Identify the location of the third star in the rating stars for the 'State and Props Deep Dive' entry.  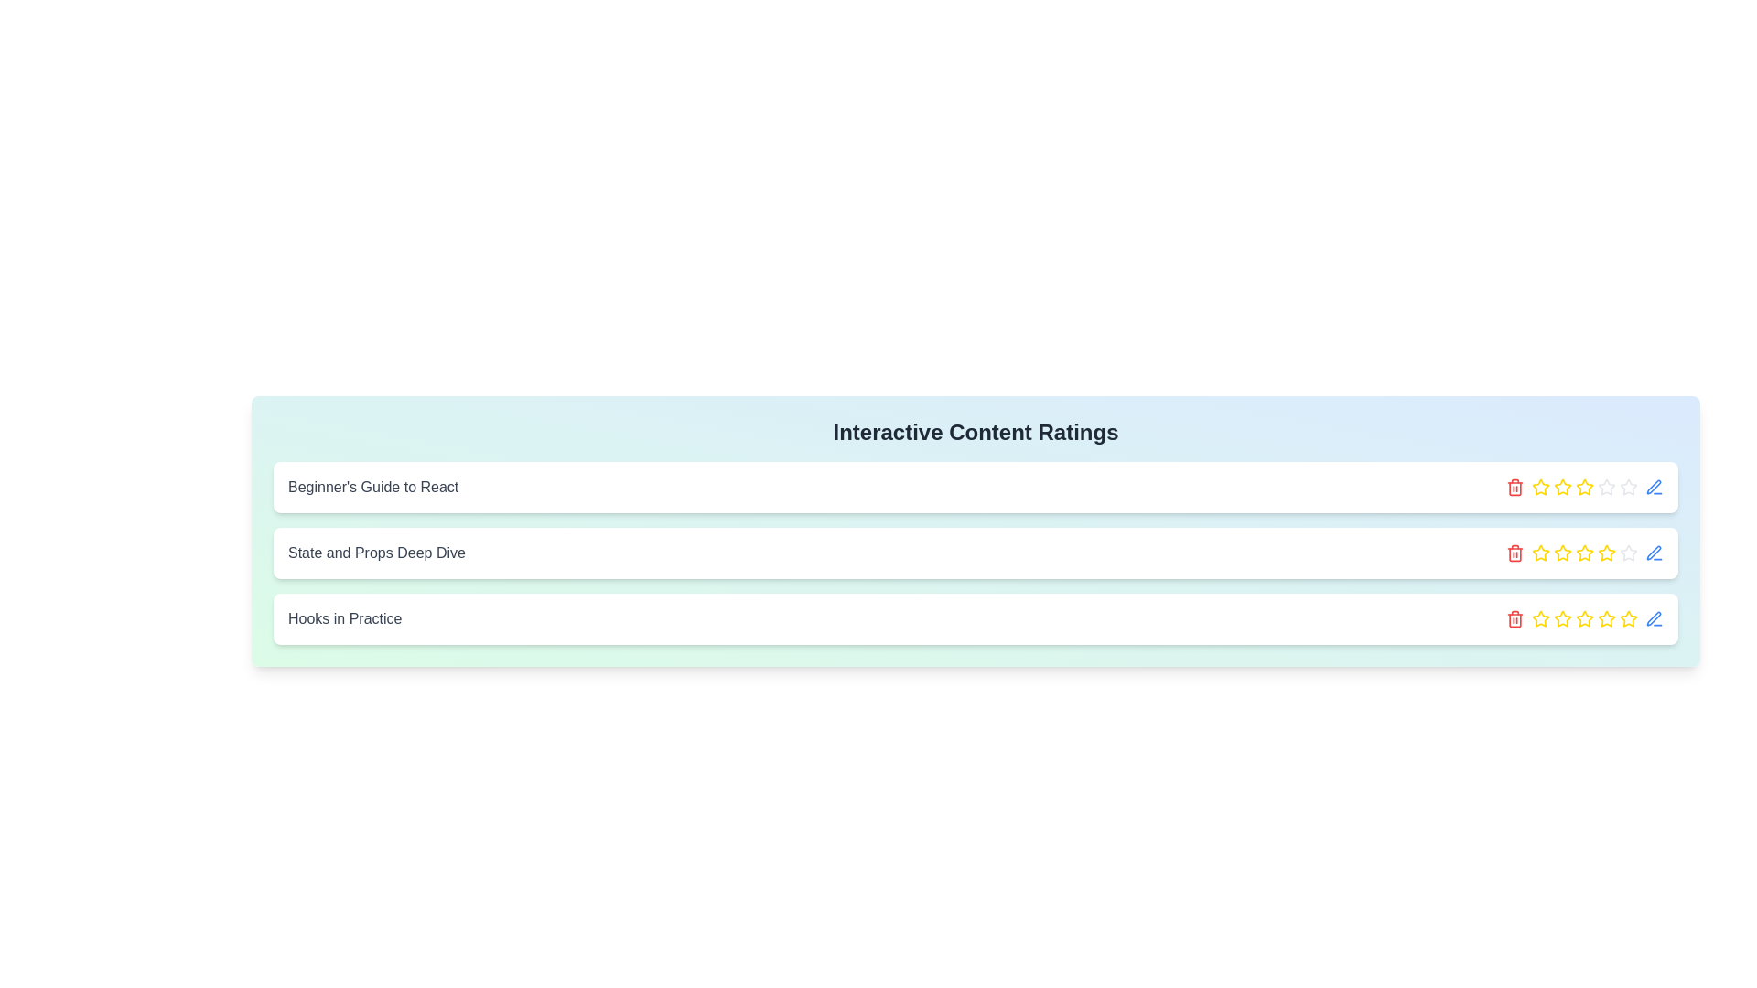
(1562, 553).